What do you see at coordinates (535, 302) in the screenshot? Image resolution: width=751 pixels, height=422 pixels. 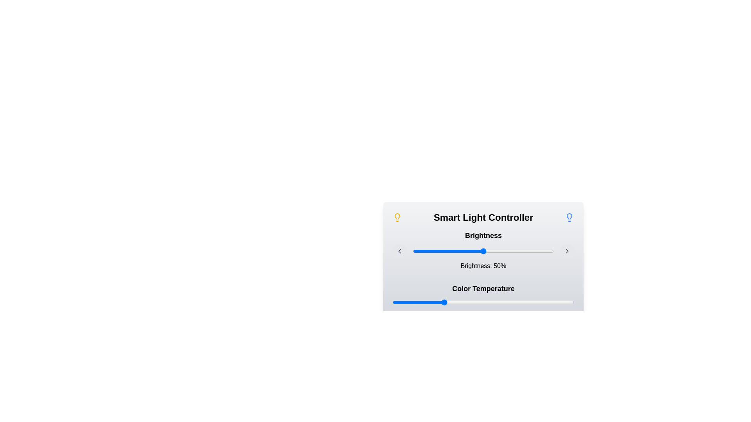 I see `color temperature` at bounding box center [535, 302].